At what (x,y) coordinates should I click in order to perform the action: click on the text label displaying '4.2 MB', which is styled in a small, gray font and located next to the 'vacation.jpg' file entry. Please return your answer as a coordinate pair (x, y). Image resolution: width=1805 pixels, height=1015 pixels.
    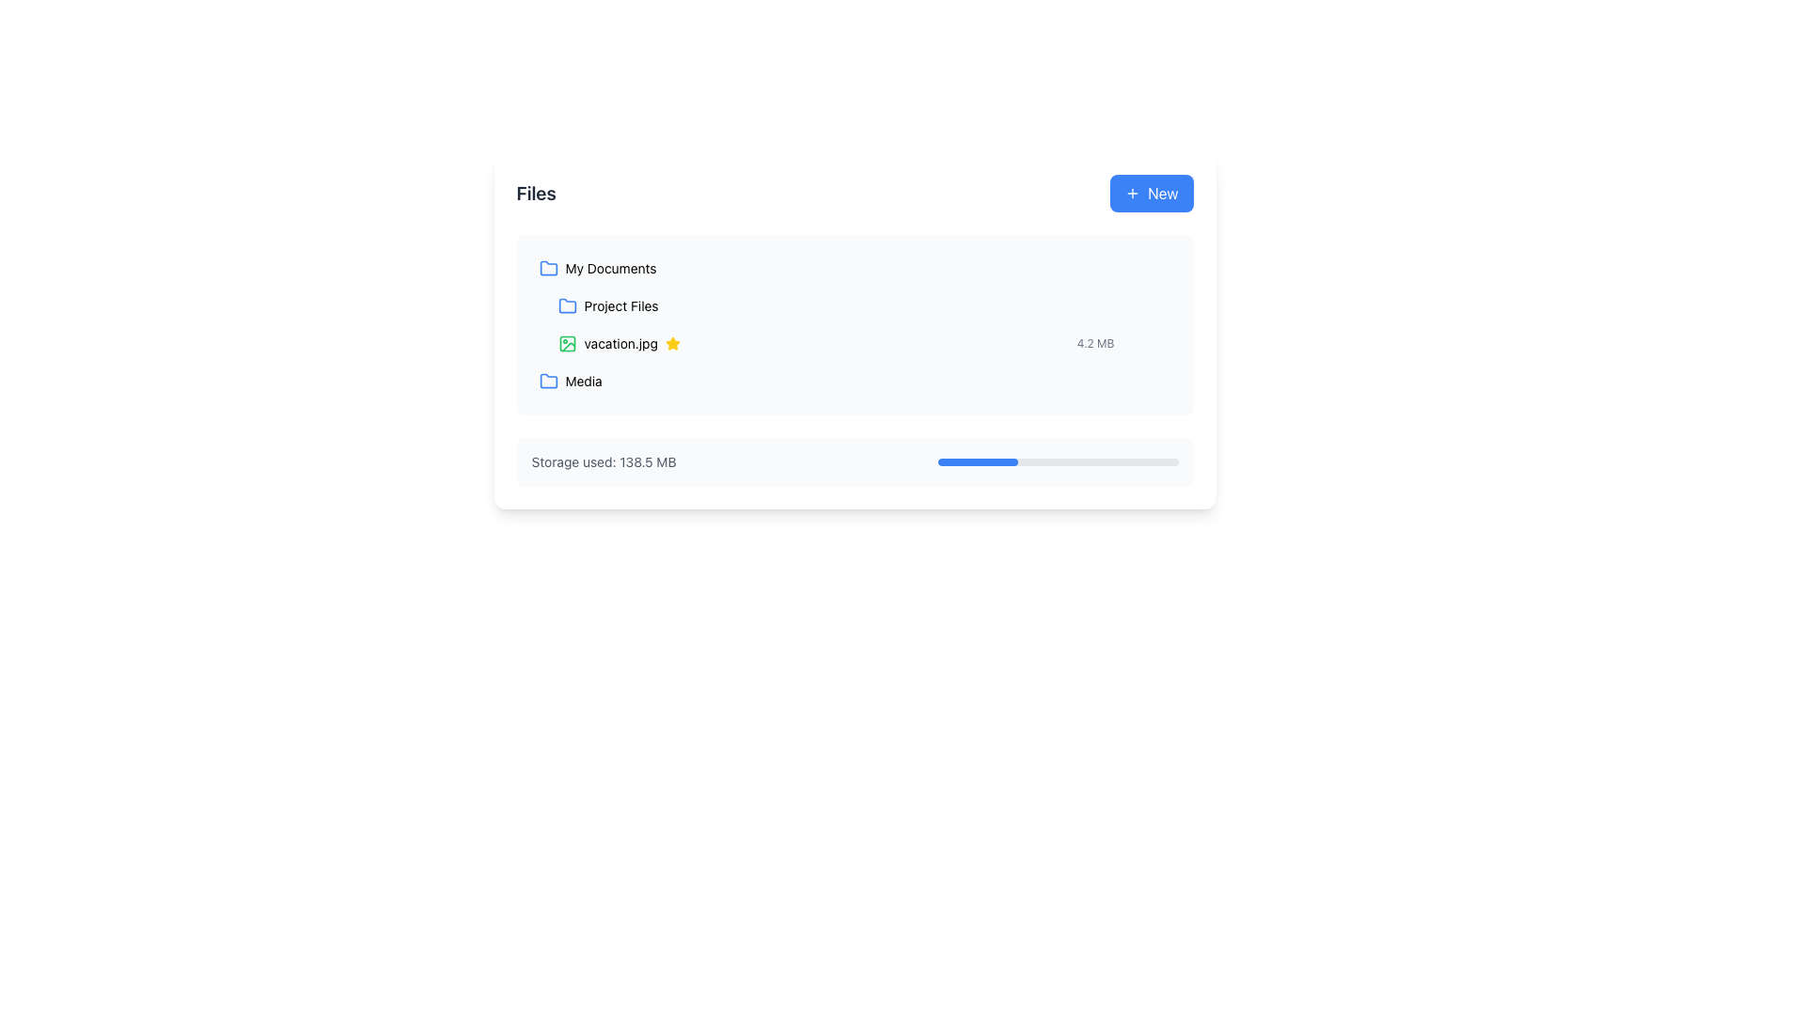
    Looking at the image, I should click on (1095, 344).